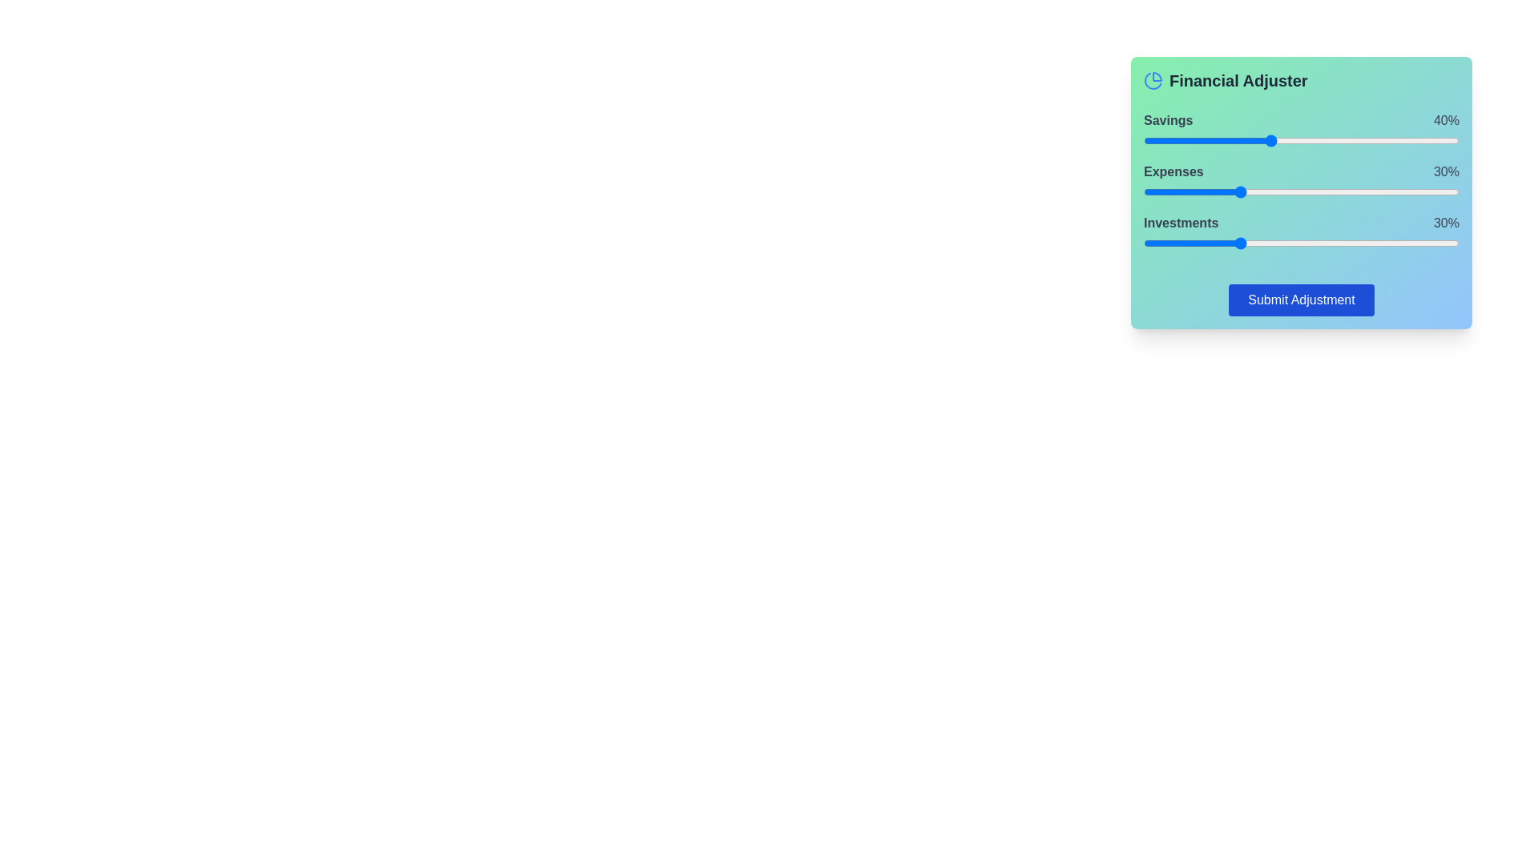  What do you see at coordinates (1354, 243) in the screenshot?
I see `the Investments slider to set the percentage to 67` at bounding box center [1354, 243].